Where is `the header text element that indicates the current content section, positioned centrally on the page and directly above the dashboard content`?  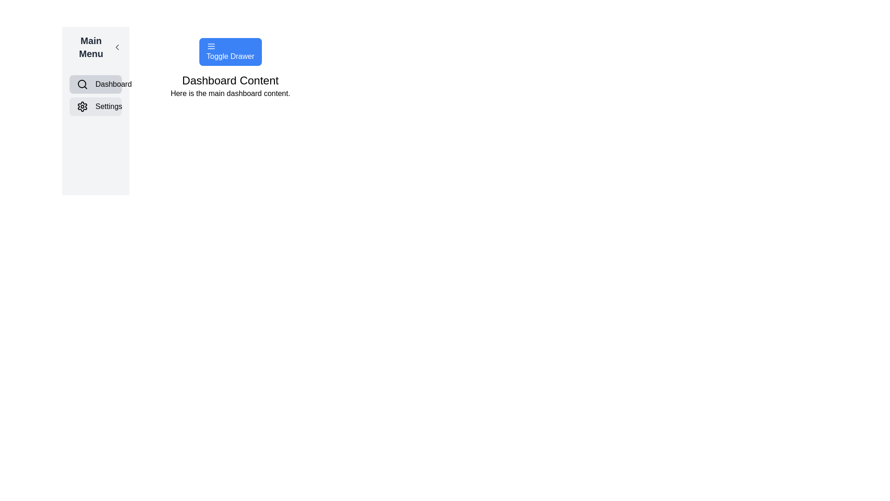
the header text element that indicates the current content section, positioned centrally on the page and directly above the dashboard content is located at coordinates (230, 80).